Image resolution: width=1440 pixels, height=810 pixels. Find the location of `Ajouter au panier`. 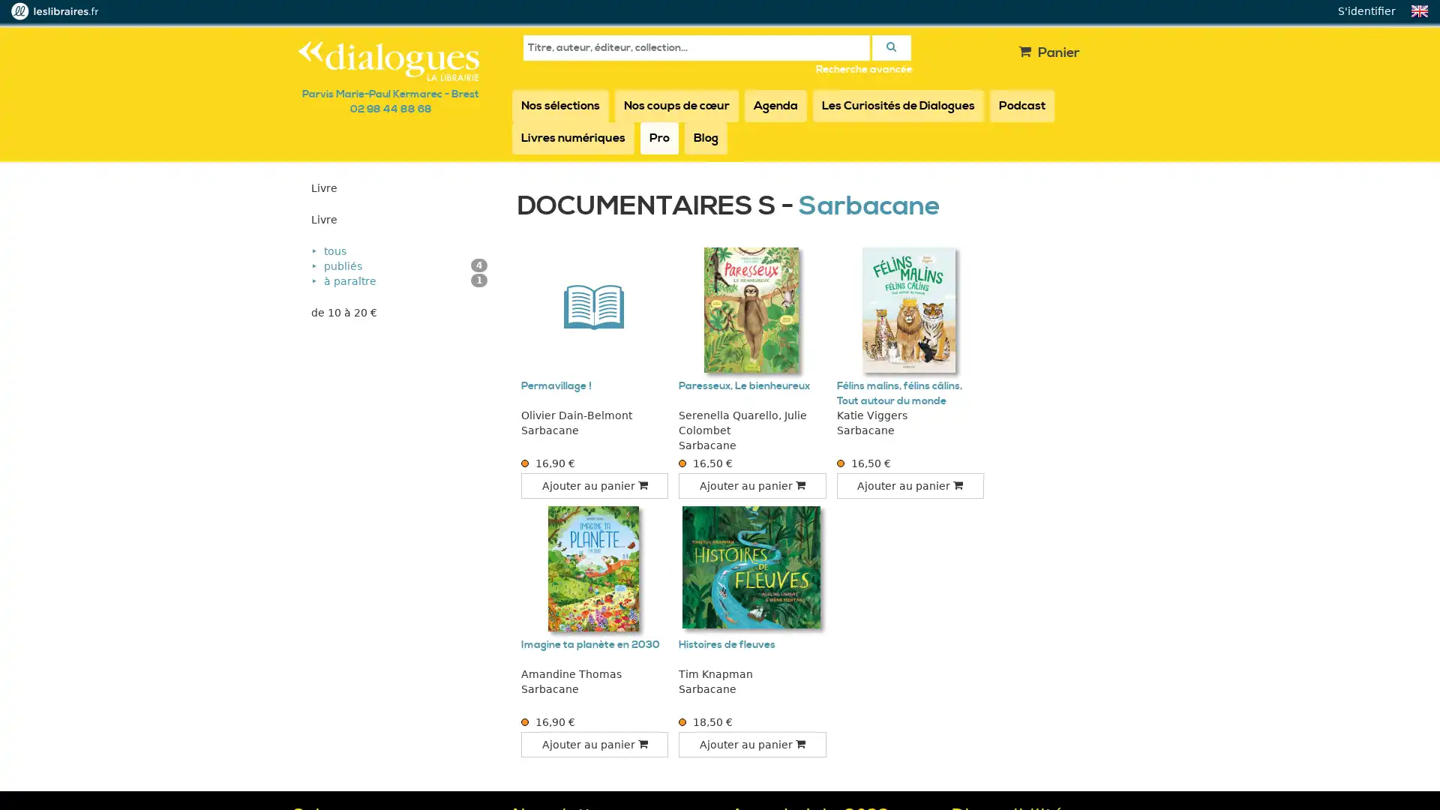

Ajouter au panier is located at coordinates (752, 486).